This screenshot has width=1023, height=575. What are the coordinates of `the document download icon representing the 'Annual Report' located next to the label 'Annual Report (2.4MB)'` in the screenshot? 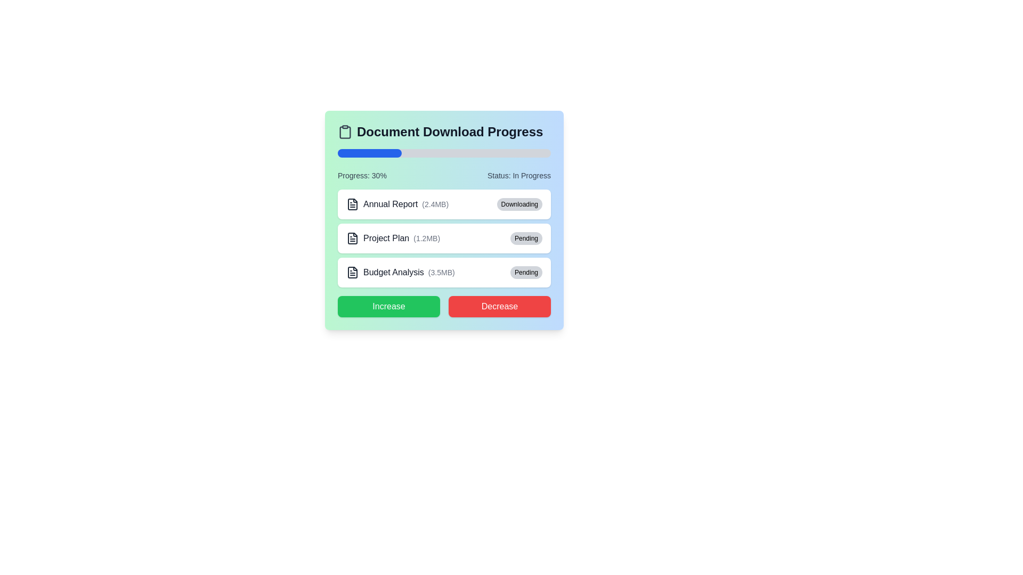 It's located at (353, 204).